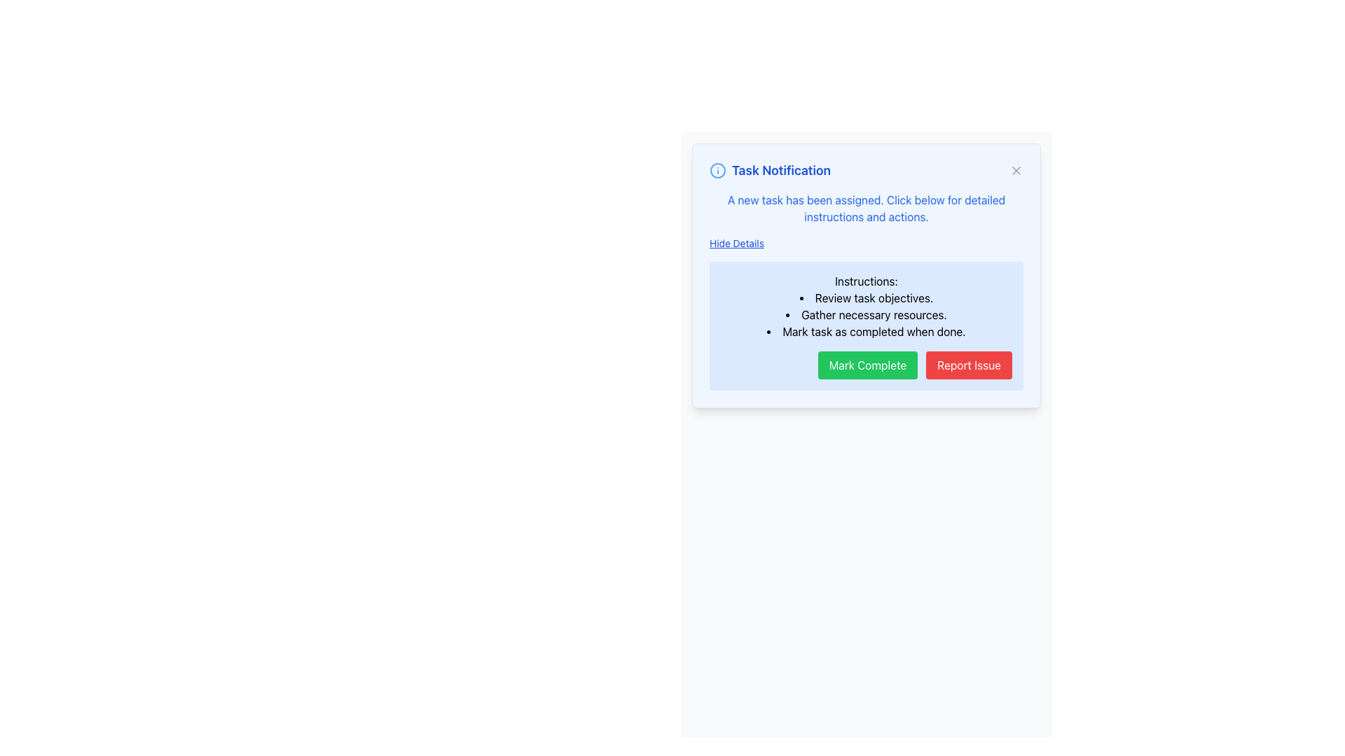  Describe the element at coordinates (1016, 169) in the screenshot. I see `the close button located at the far right side of the 'Task Notification' header` at that location.